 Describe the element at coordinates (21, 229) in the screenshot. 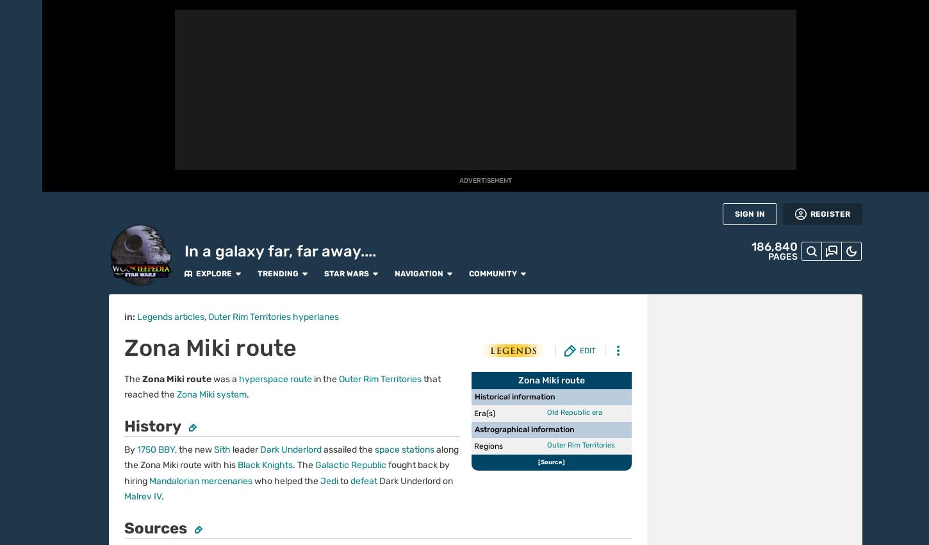

I see `'Anime'` at that location.